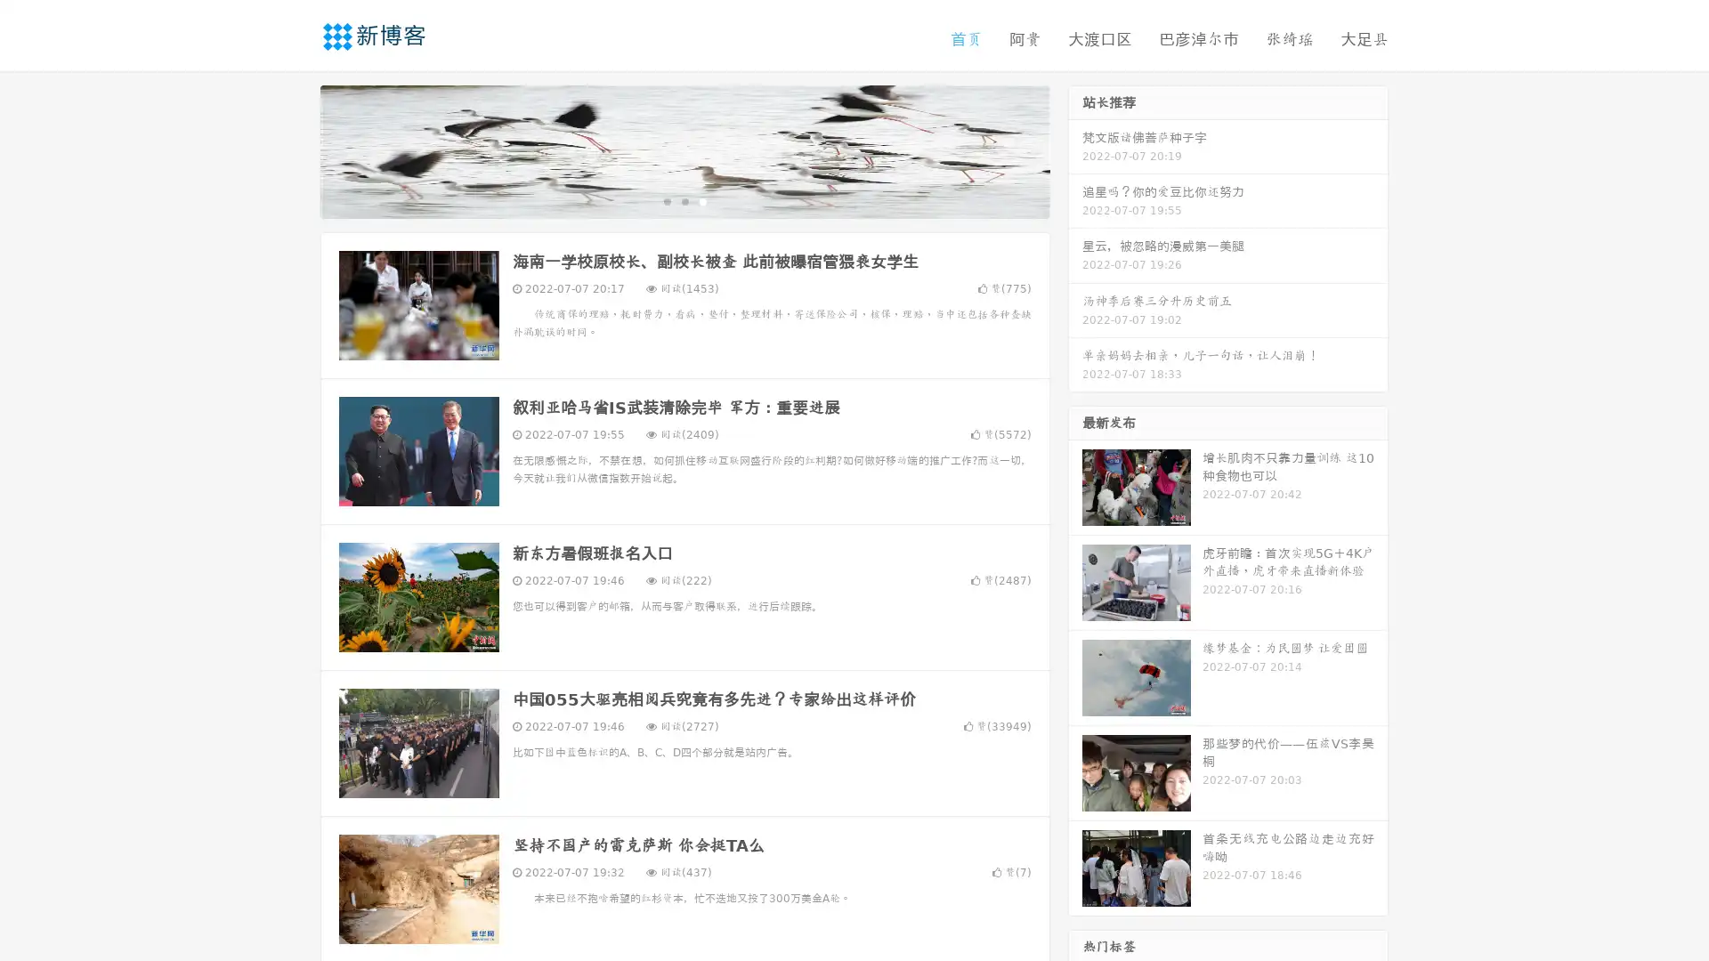 This screenshot has width=1709, height=961. I want to click on Go to slide 3, so click(702, 200).